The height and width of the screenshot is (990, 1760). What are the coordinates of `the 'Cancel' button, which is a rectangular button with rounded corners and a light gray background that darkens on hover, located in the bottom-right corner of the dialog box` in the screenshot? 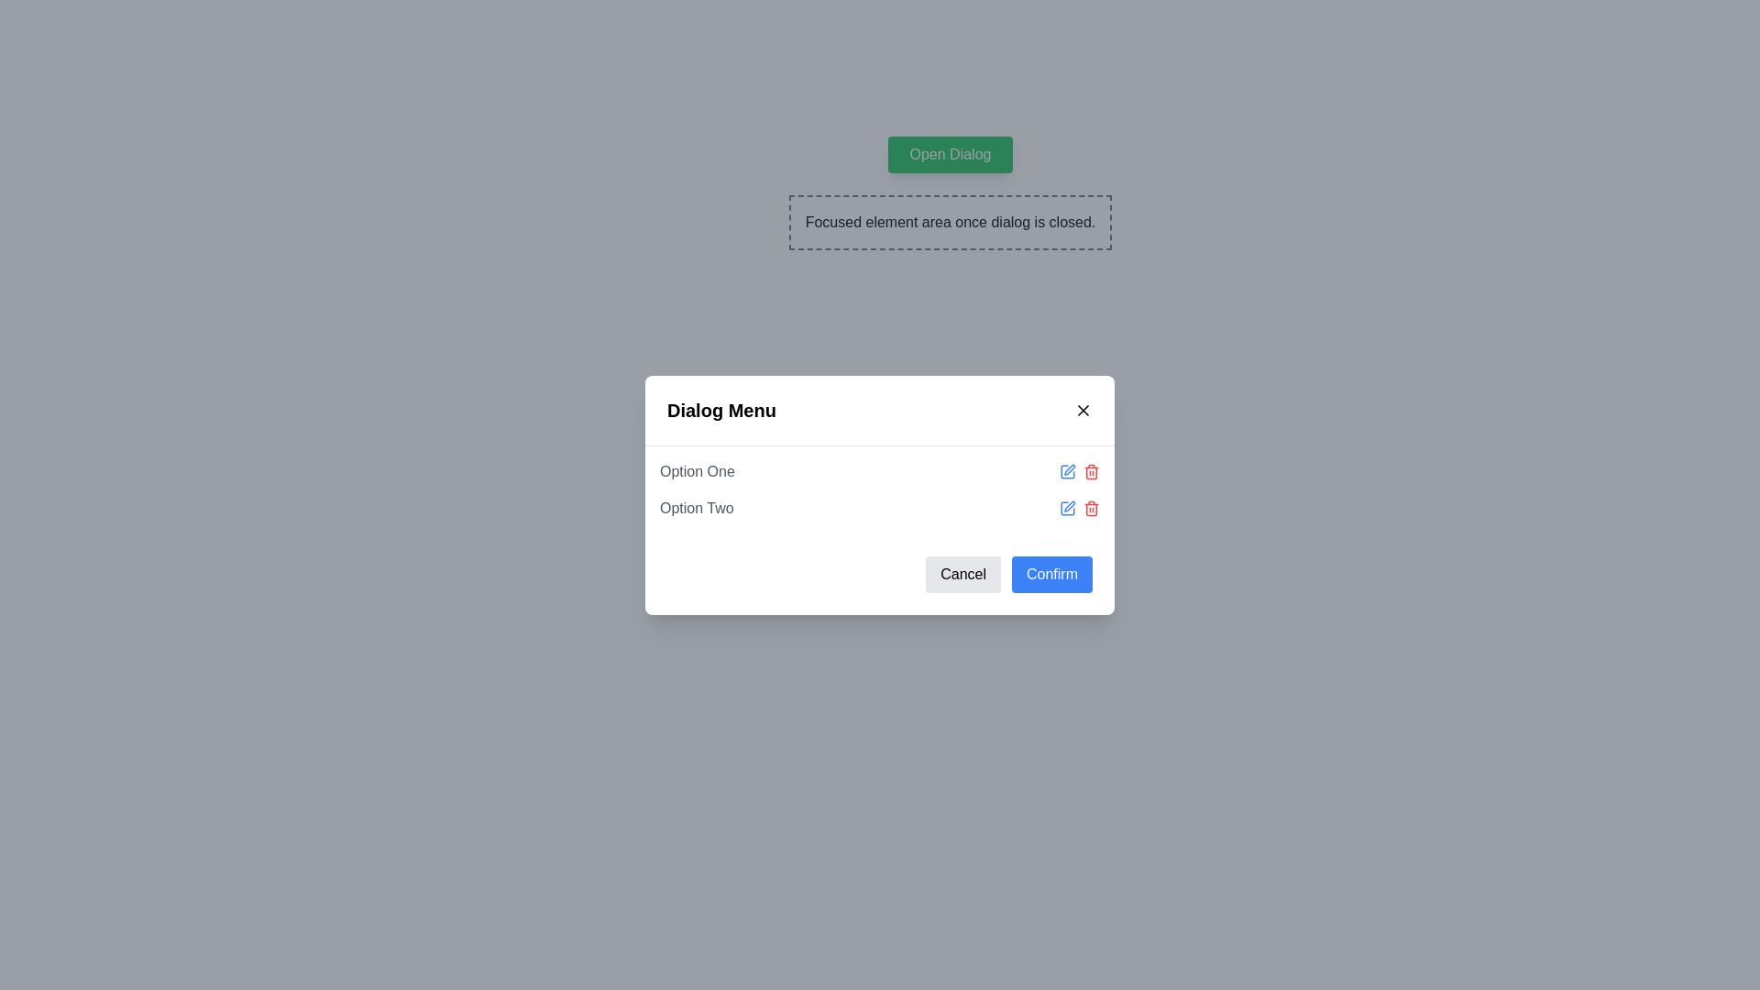 It's located at (962, 573).